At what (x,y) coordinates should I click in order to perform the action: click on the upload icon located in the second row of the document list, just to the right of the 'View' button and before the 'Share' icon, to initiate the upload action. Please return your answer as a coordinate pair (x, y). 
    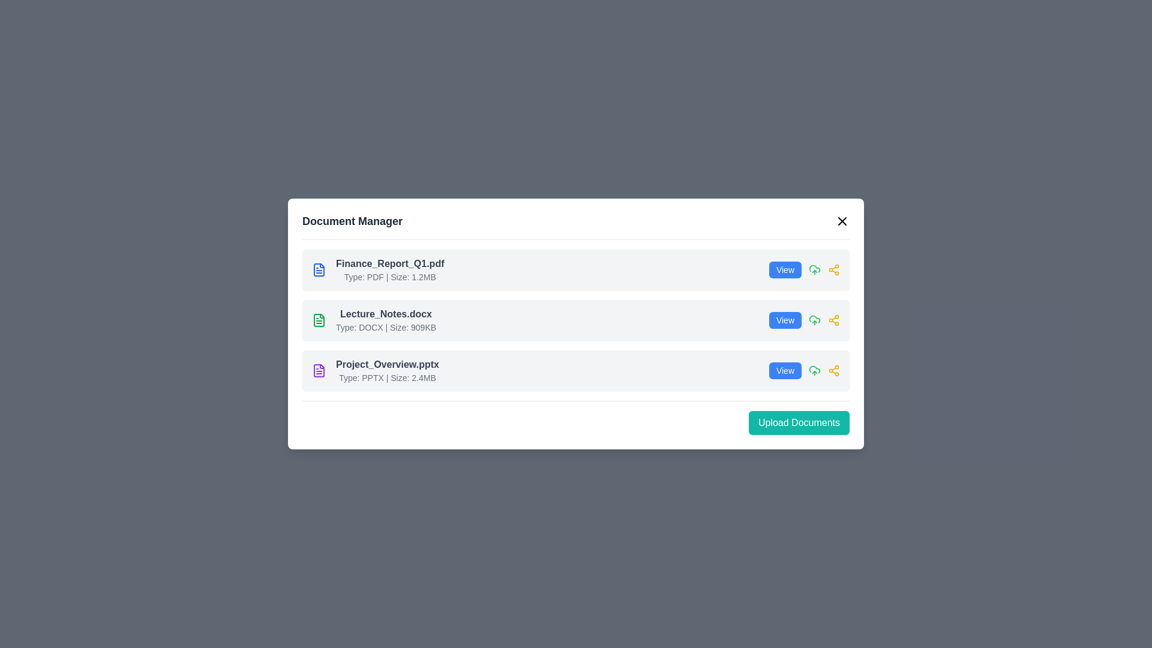
    Looking at the image, I should click on (815, 319).